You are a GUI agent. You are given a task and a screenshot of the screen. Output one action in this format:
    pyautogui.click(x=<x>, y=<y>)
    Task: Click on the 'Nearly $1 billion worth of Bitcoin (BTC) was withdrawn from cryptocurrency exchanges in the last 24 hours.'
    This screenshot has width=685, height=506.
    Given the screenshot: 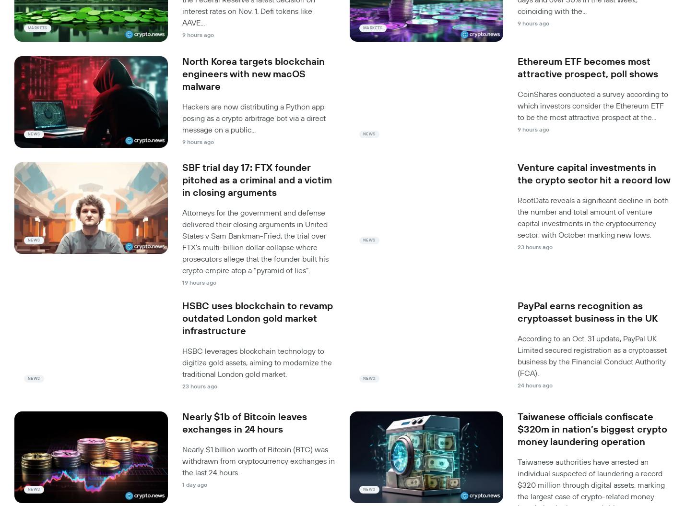 What is the action you would take?
    pyautogui.click(x=259, y=460)
    